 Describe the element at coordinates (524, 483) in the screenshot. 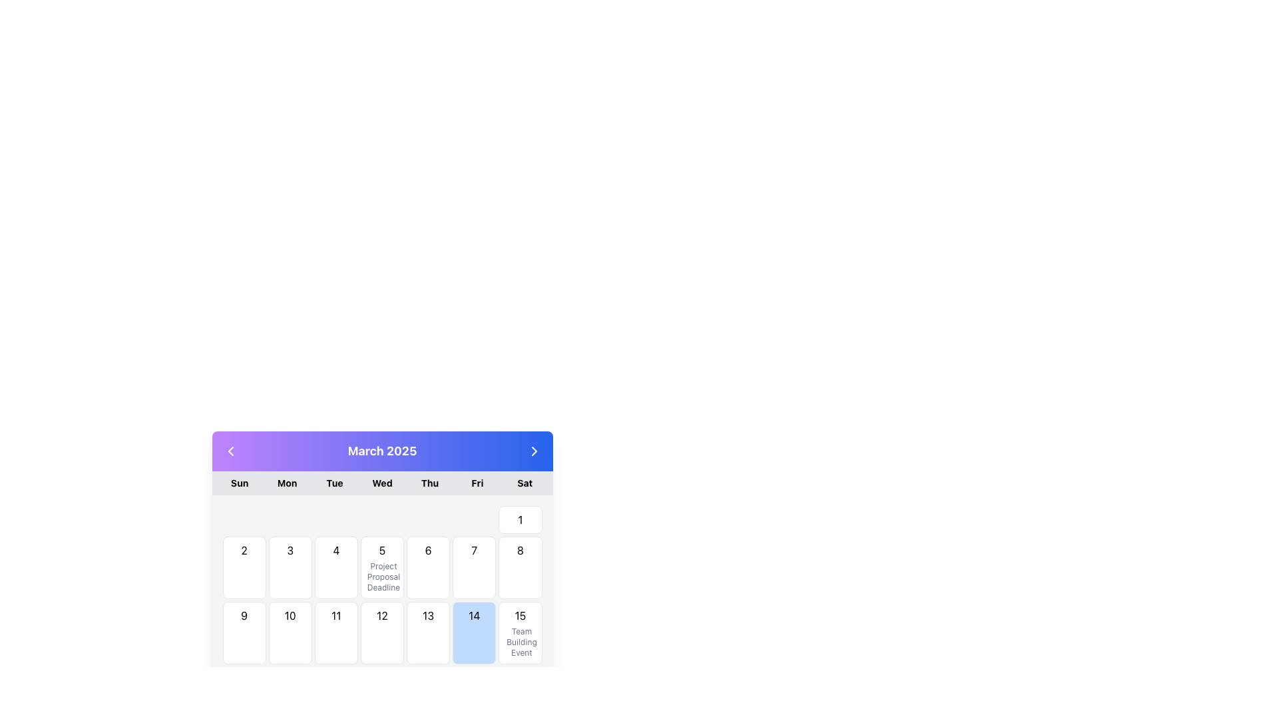

I see `the Text Label displaying 'Sat' in bold black font on a gray background, which is the last item in a row of day names in the calendar header` at that location.